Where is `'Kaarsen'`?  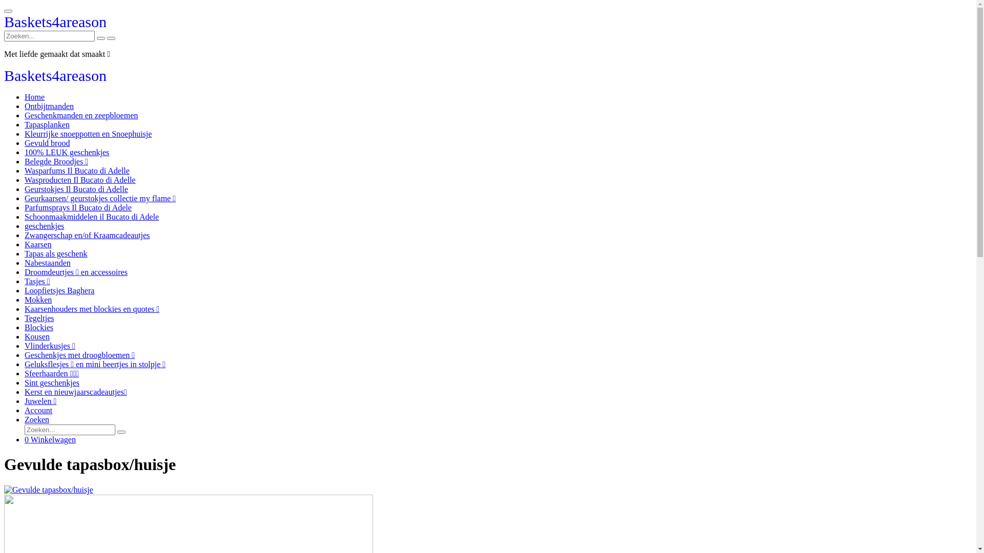
'Kaarsen' is located at coordinates (25, 244).